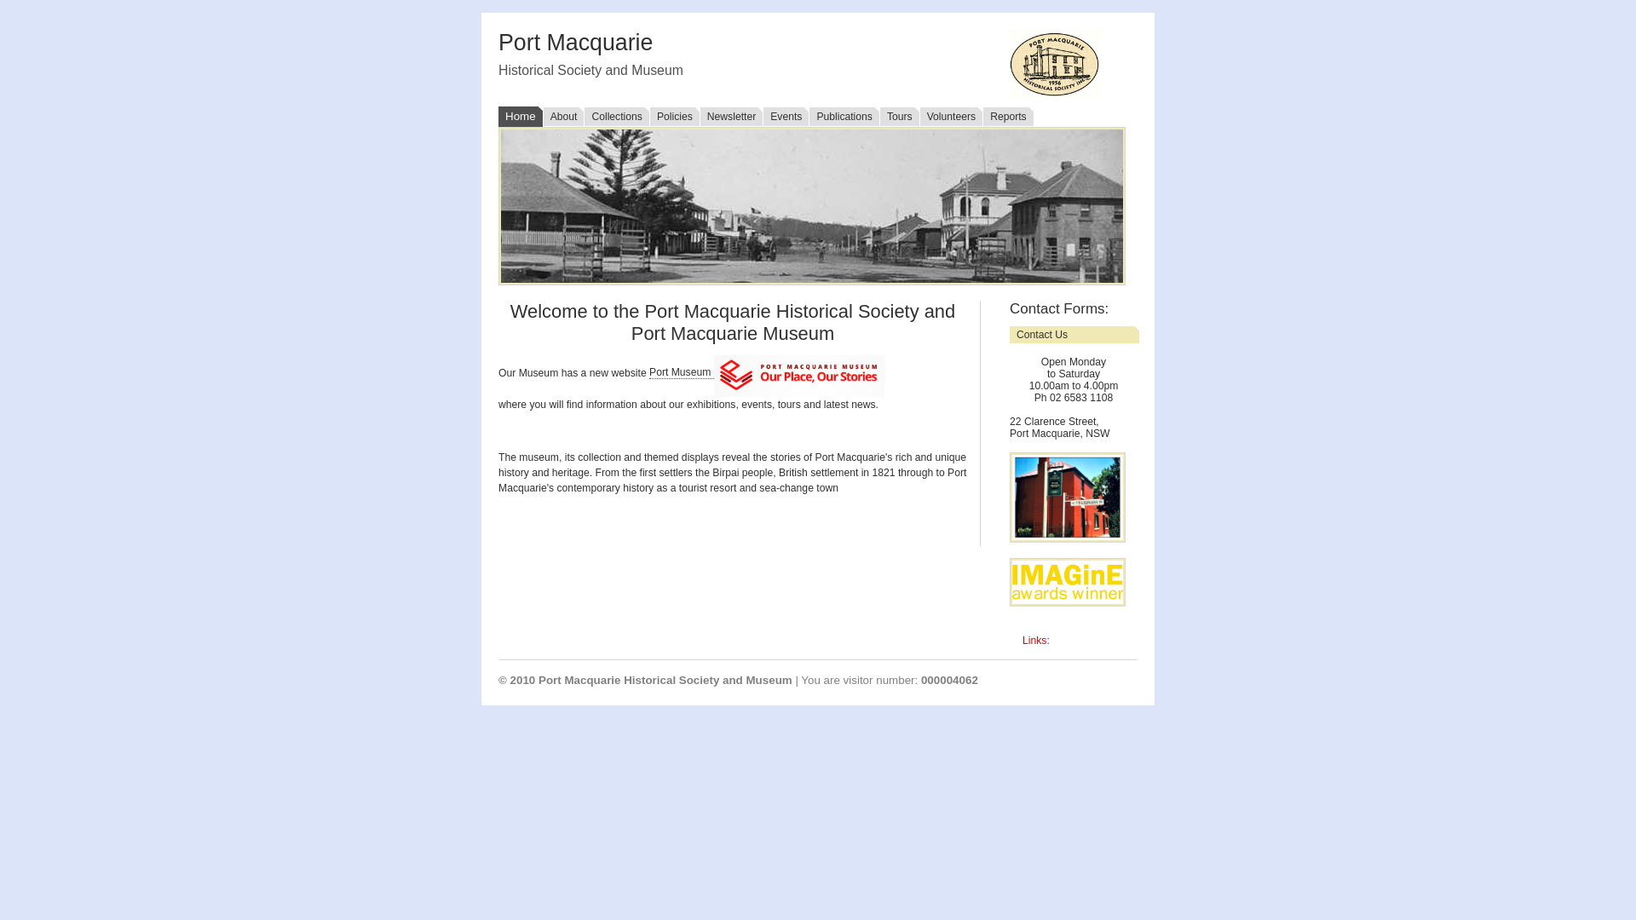 The width and height of the screenshot is (1636, 920). What do you see at coordinates (682, 371) in the screenshot?
I see `'Port Museum'` at bounding box center [682, 371].